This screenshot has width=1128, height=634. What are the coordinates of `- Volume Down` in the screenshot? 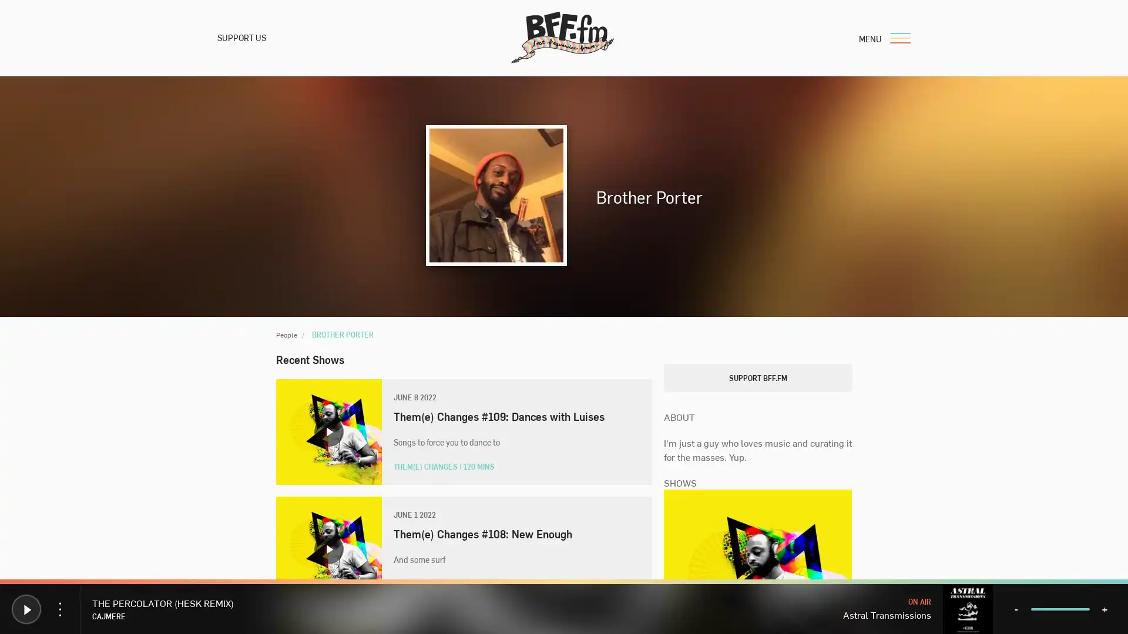 It's located at (1015, 608).